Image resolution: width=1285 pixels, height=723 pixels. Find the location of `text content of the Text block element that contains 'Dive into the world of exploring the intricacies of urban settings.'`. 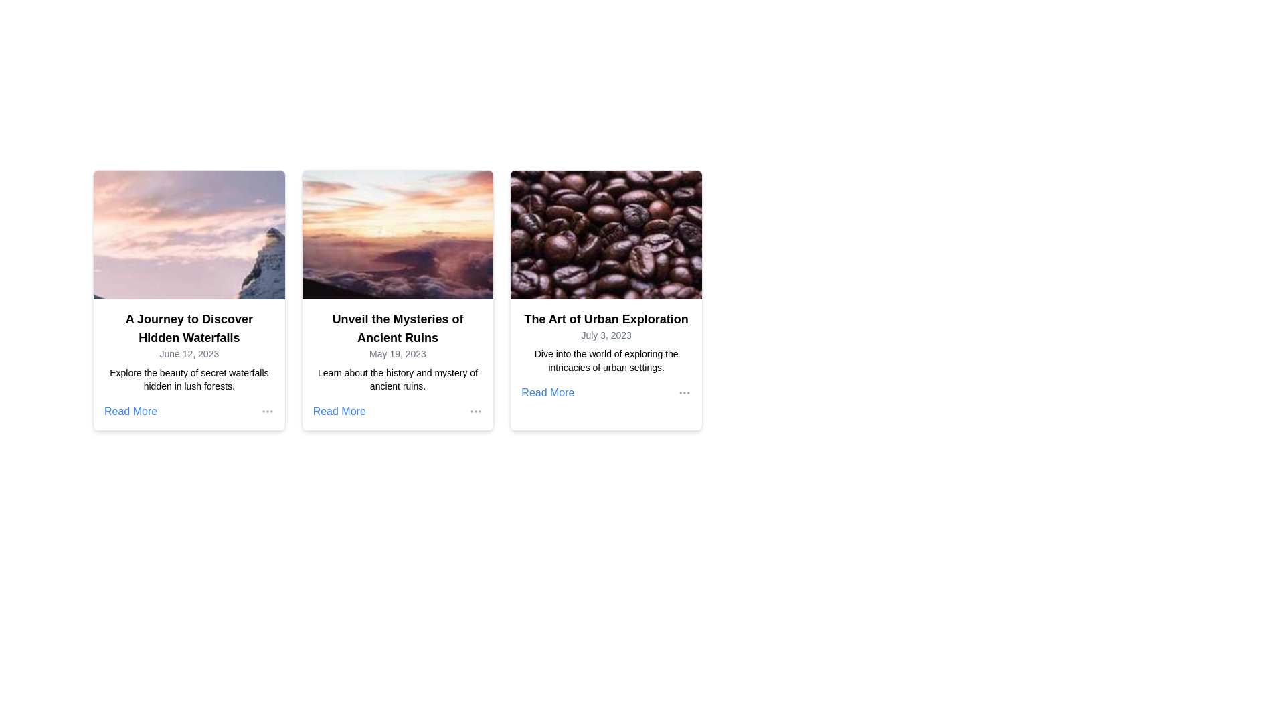

text content of the Text block element that contains 'Dive into the world of exploring the intricacies of urban settings.' is located at coordinates (606, 360).